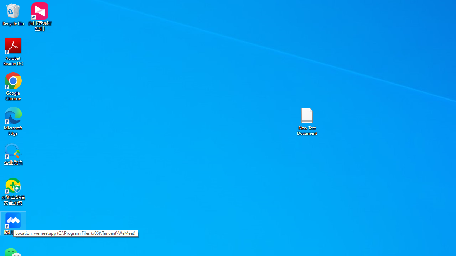 The image size is (456, 256). I want to click on 'Microsoft Edge', so click(13, 121).